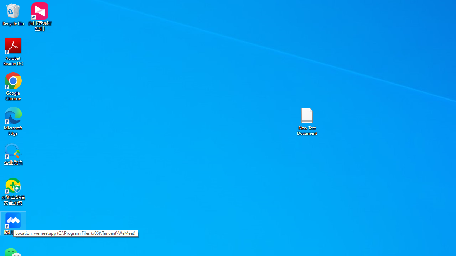 The image size is (456, 256). I want to click on 'Microsoft Edge', so click(13, 121).